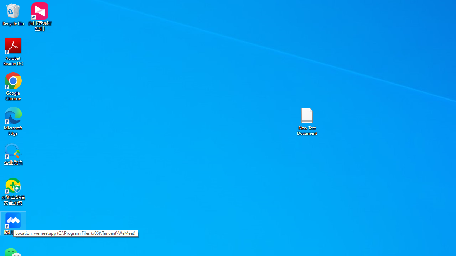 The image size is (456, 256). I want to click on 'Microsoft Edge', so click(13, 121).